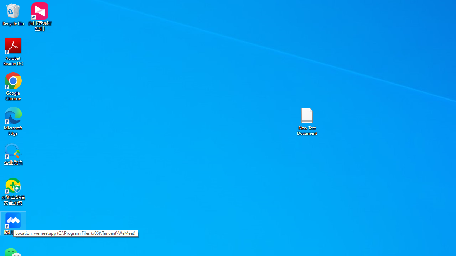 The image size is (456, 256). I want to click on 'Microsoft Edge', so click(13, 121).